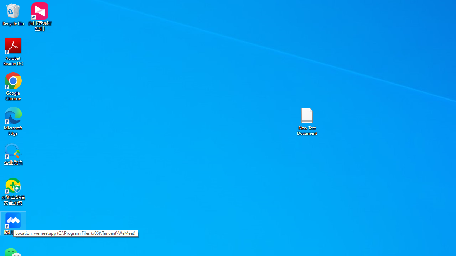 The image size is (456, 256). I want to click on 'Microsoft Edge', so click(13, 121).